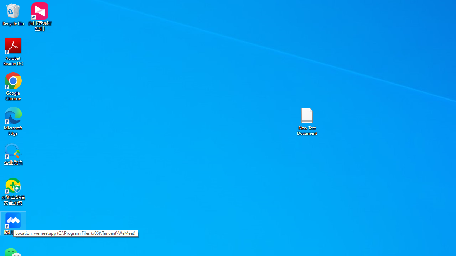 The image size is (456, 256). I want to click on 'Microsoft Edge', so click(13, 121).